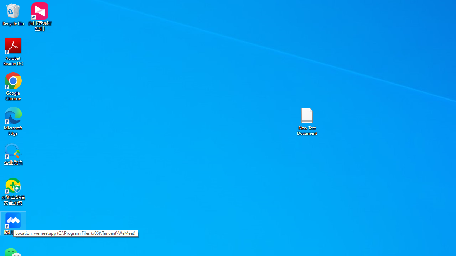 The image size is (456, 256). I want to click on 'Microsoft Edge', so click(13, 121).